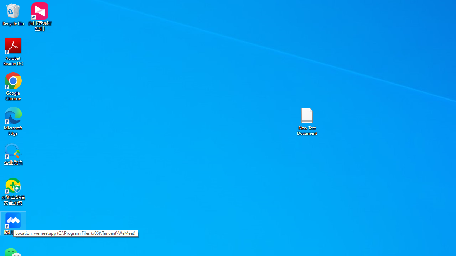 The image size is (456, 256). I want to click on 'Microsoft Edge', so click(13, 121).